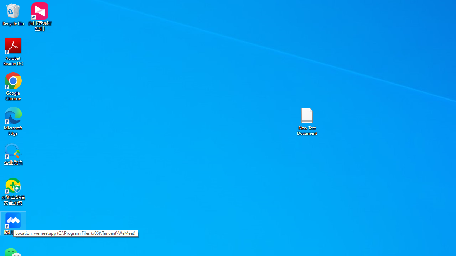 The image size is (456, 256). I want to click on 'Microsoft Edge', so click(13, 121).